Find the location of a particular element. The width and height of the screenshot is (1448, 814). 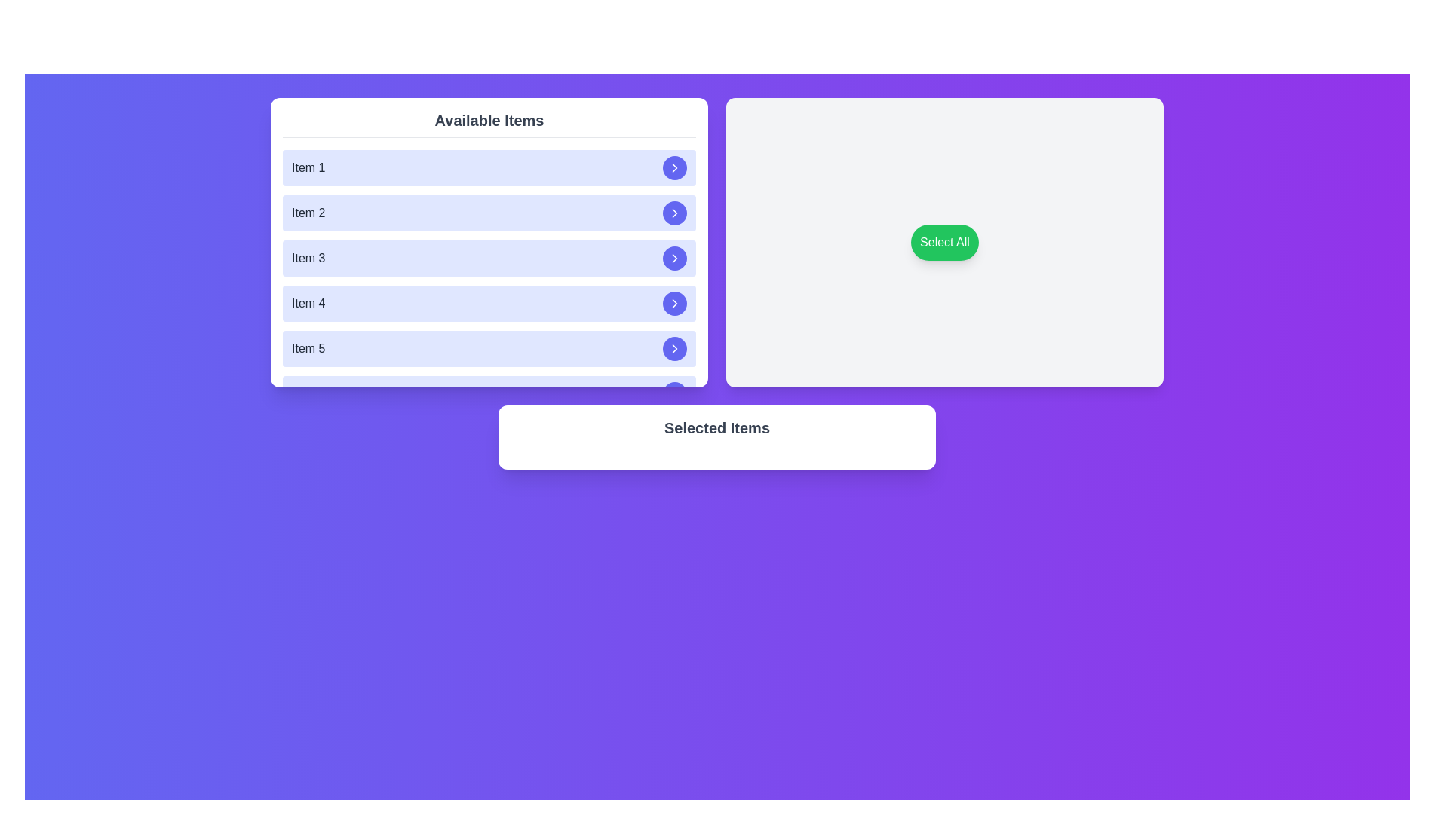

the button located in the right section of the box labeled 'Item 1' within the 'Available Items' column is located at coordinates (673, 168).